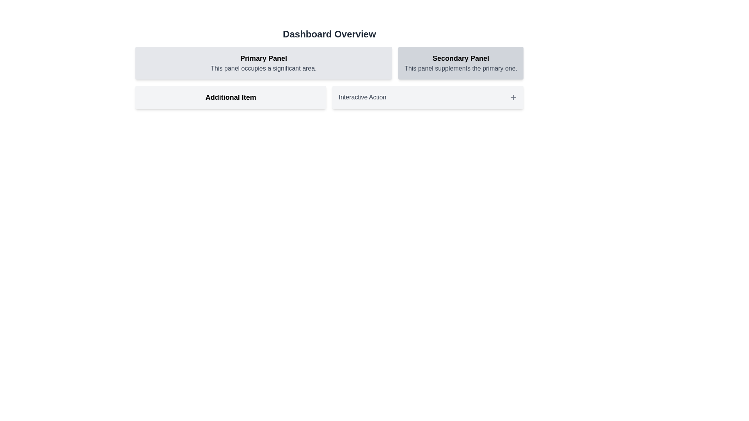  I want to click on the text block that reads 'This panel supplements the primary one.', which is styled in gray and located below the 'Secondary Panel' heading in the top-right section of the interface layout, so click(461, 68).